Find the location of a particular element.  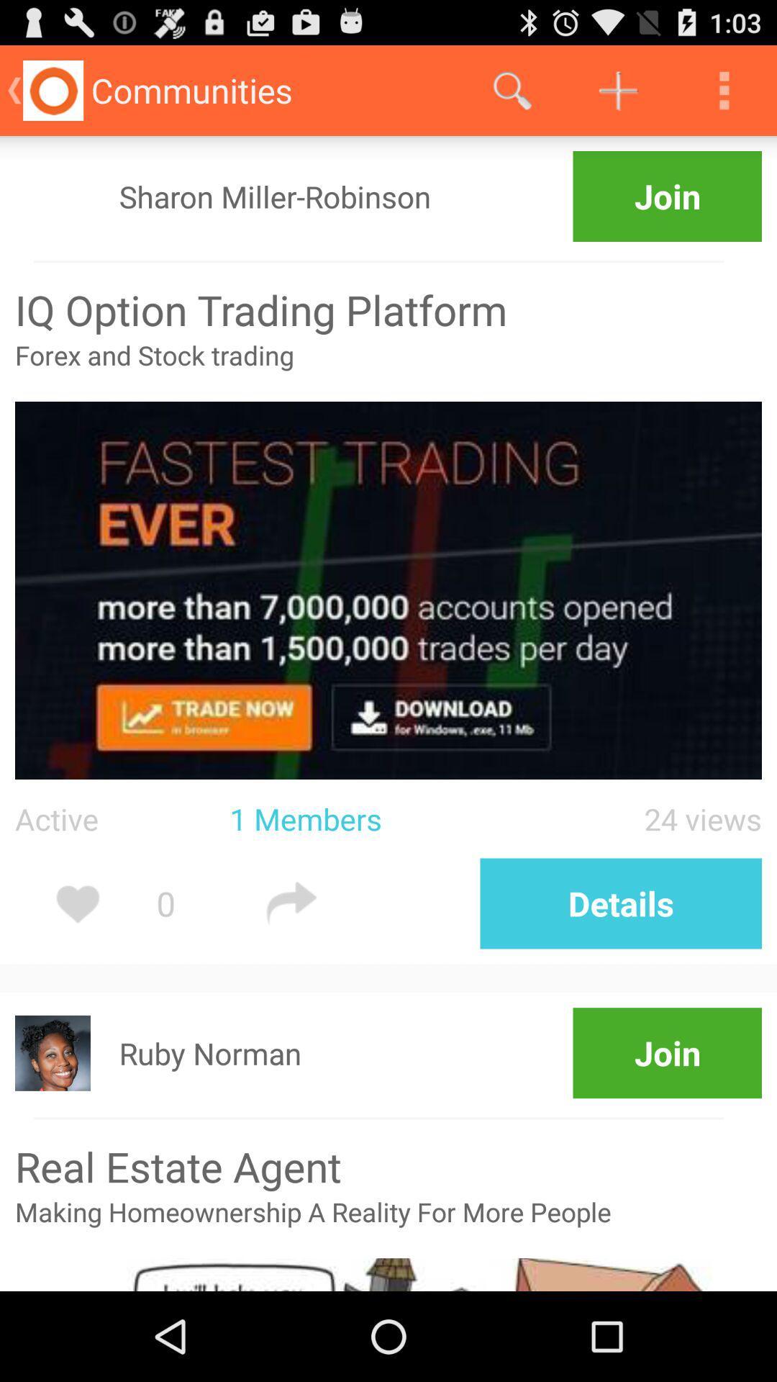

item below 0 button is located at coordinates (210, 1053).